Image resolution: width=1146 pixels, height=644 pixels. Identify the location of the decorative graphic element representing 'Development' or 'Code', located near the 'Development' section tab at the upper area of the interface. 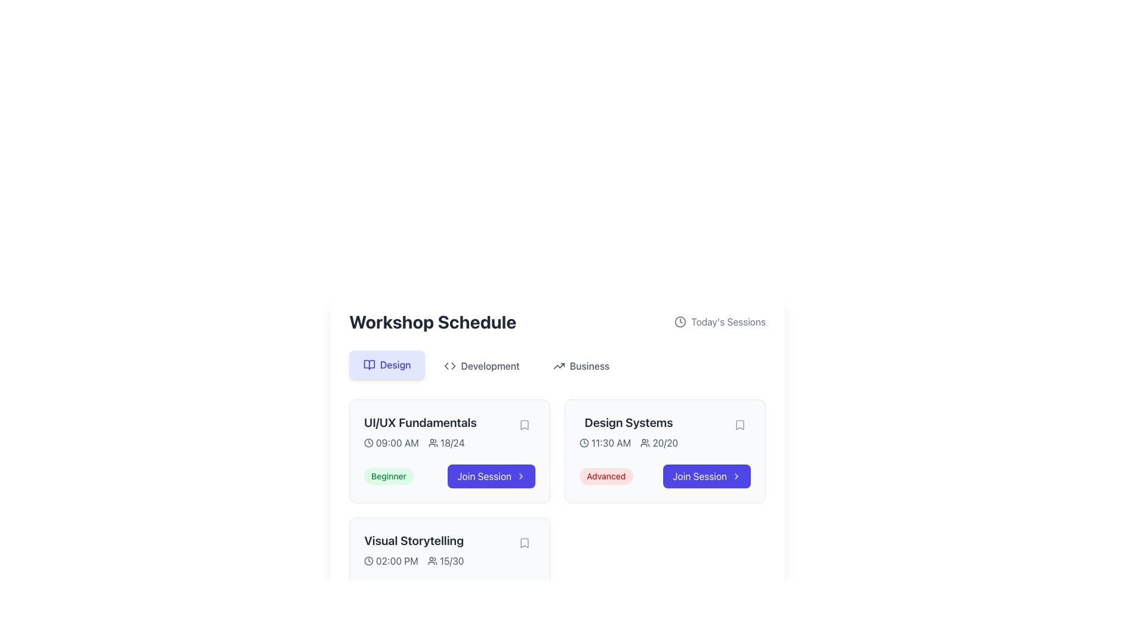
(446, 365).